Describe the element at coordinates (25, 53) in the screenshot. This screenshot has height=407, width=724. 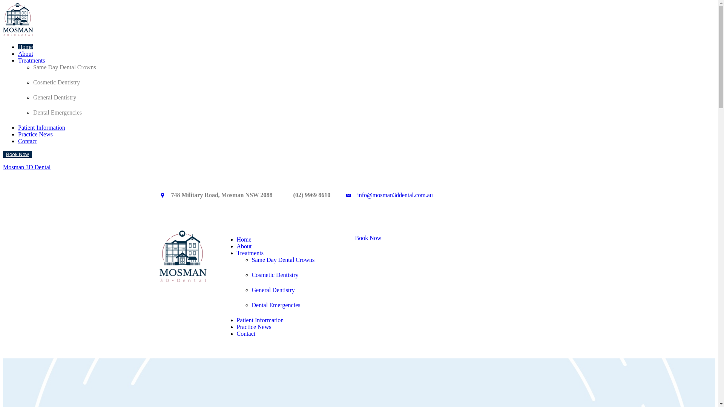
I see `'About'` at that location.